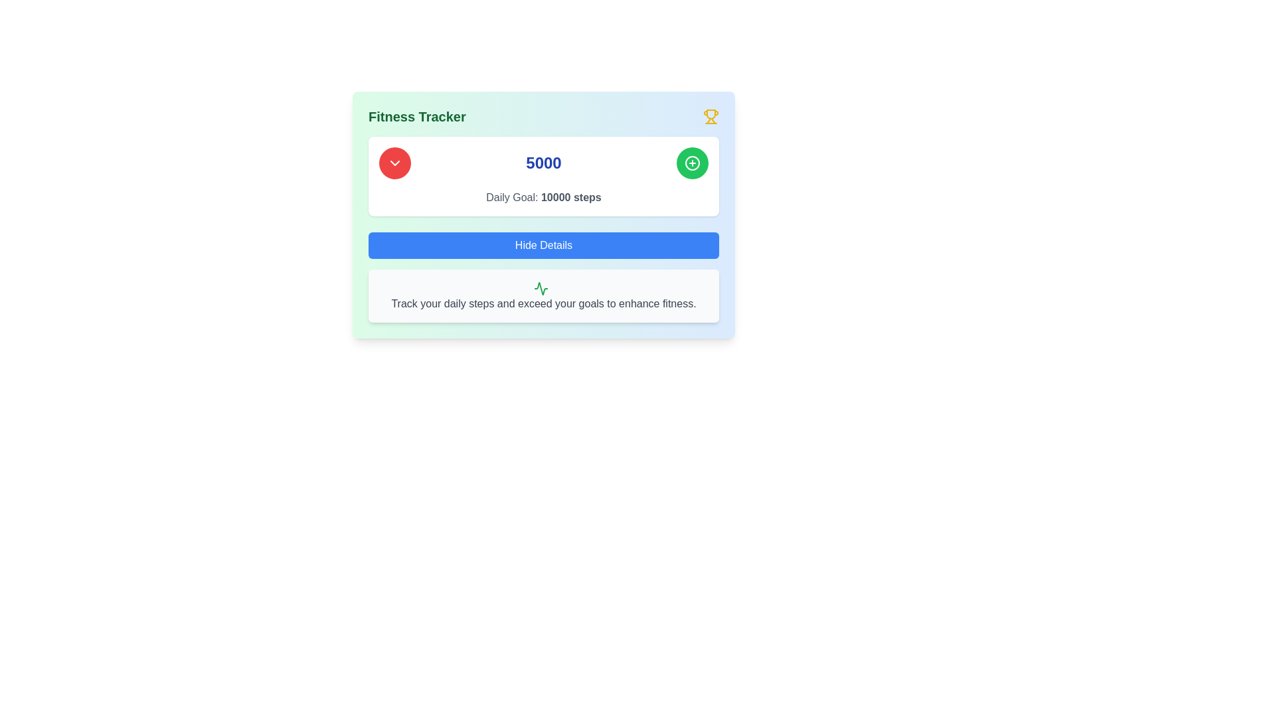 Image resolution: width=1275 pixels, height=717 pixels. I want to click on the dropdown icon centered within the red circular button in the top-left section of the 'Fitness Tracker' card, so click(394, 163).